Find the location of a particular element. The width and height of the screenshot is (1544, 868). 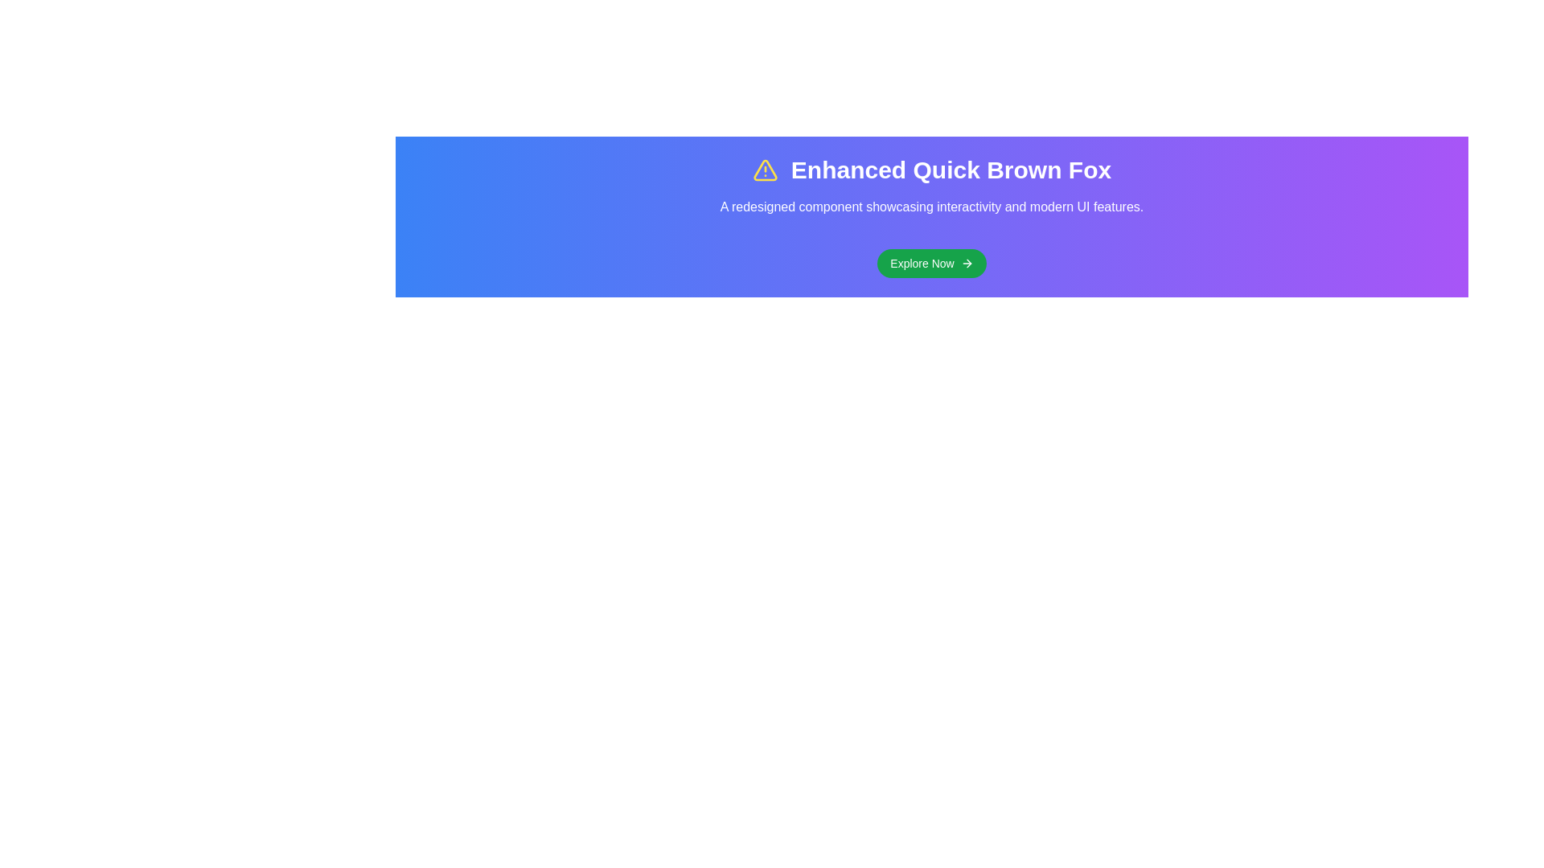

the Text Label displaying 'A redesigned component showcasing interactivity and modern UI features.' which is located below the title 'Enhanced Quick Brown Fox' and above the 'Explore Now' button is located at coordinates (931, 207).